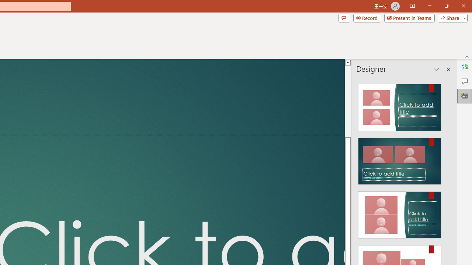 The height and width of the screenshot is (265, 472). What do you see at coordinates (347, 62) in the screenshot?
I see `'Line up'` at bounding box center [347, 62].